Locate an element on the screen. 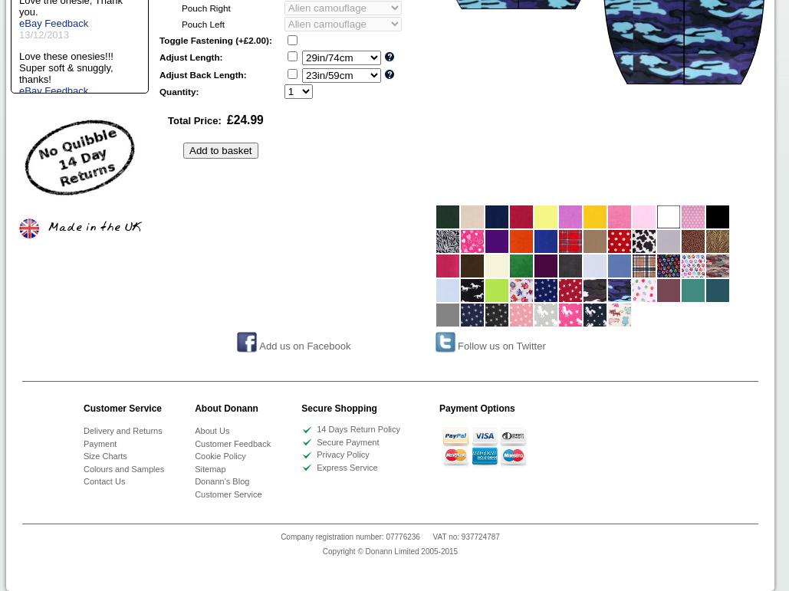 The width and height of the screenshot is (789, 591). 'Cookie Policy' is located at coordinates (219, 455).